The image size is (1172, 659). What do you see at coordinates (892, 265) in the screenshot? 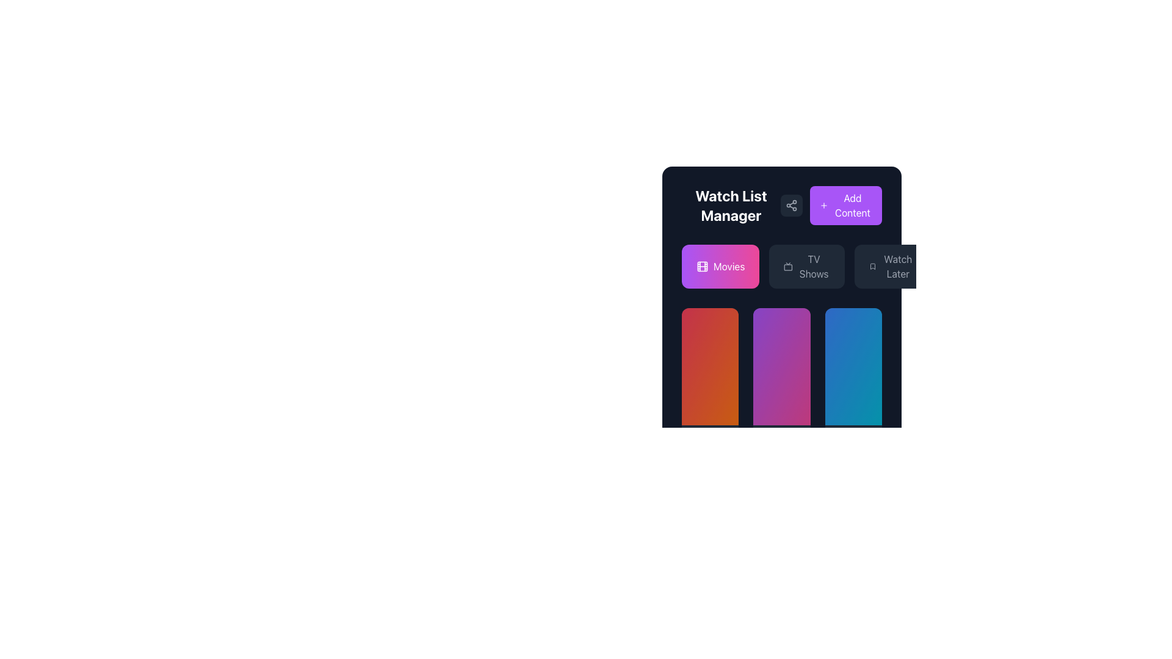
I see `the button that allows users to mark or manage content to watch later, located to the right of the 'Movies' and 'TV Shows' buttons` at bounding box center [892, 265].